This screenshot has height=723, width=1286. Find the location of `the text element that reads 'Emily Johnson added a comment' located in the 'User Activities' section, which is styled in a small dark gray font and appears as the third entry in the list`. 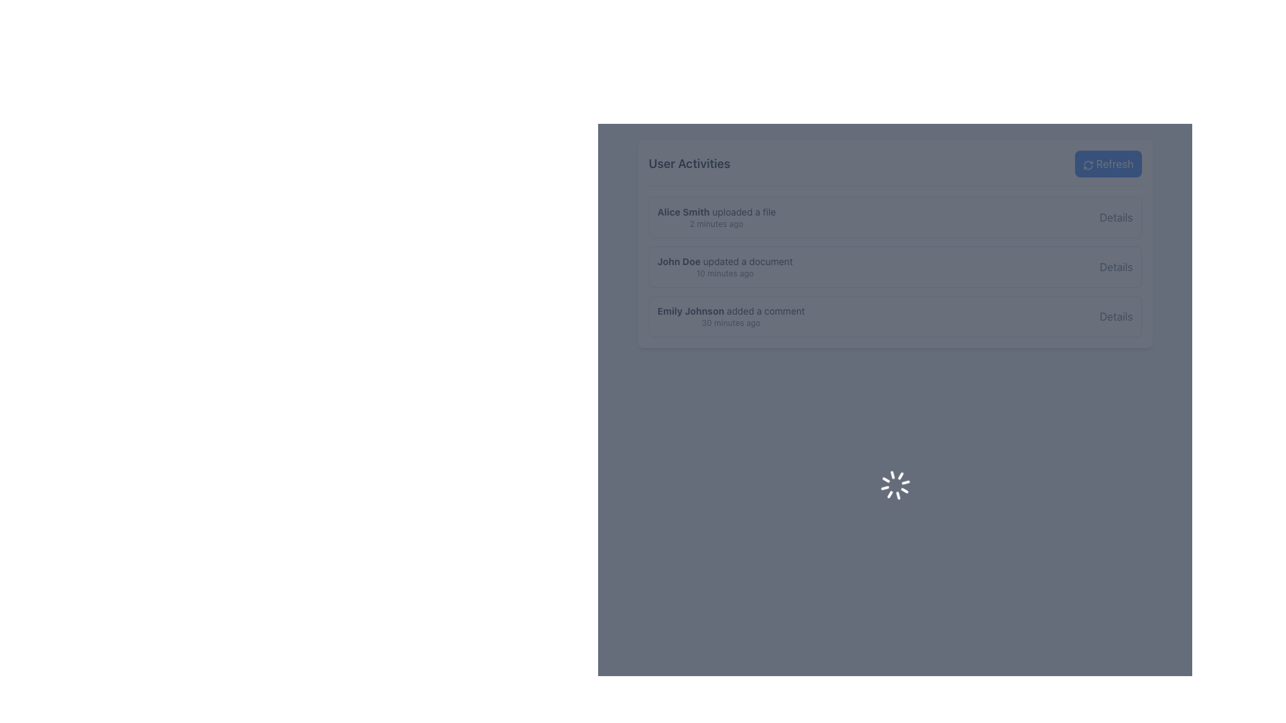

the text element that reads 'Emily Johnson added a comment' located in the 'User Activities' section, which is styled in a small dark gray font and appears as the third entry in the list is located at coordinates (730, 311).